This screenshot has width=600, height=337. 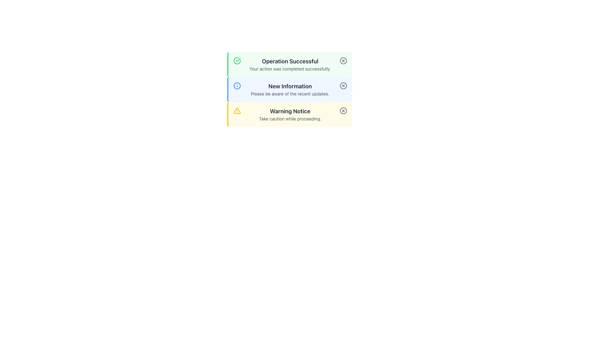 I want to click on the 'Warning Notice' text label, which is the first line of the third notification box styled in bold dark gray on a light yellow background, so click(x=290, y=111).